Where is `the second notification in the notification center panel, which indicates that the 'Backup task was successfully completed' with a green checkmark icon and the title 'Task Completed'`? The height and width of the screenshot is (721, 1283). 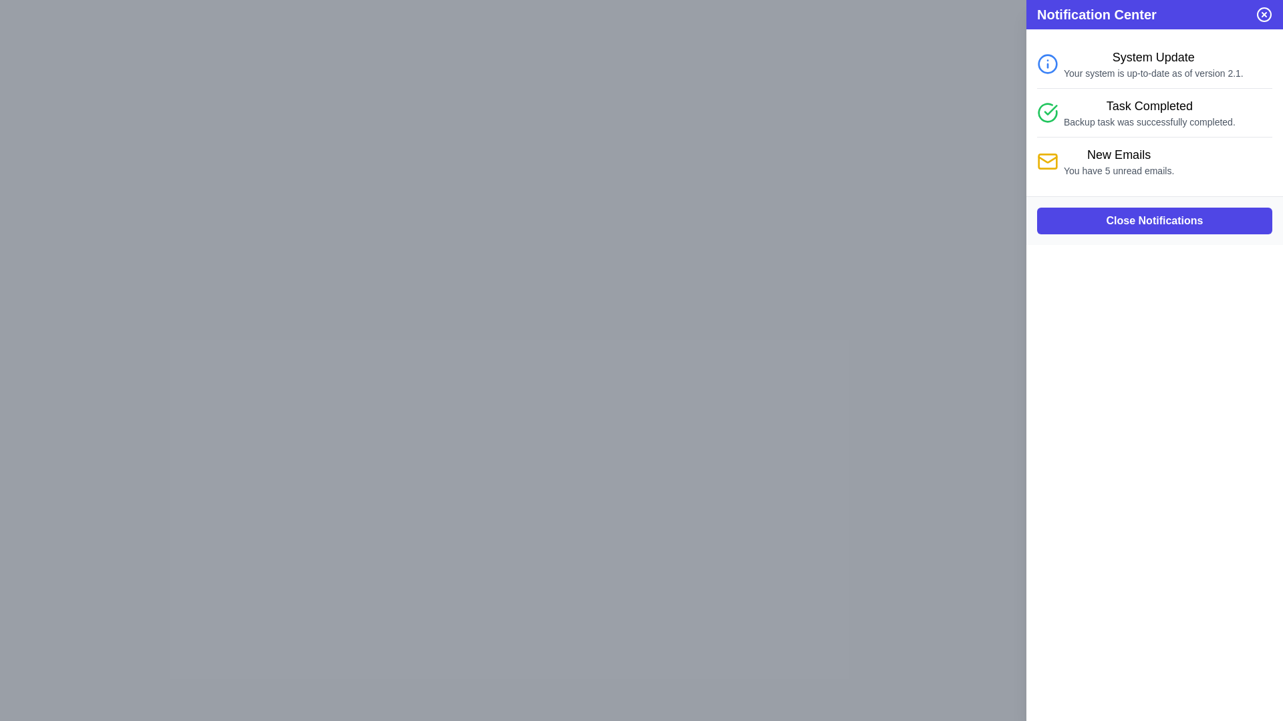 the second notification in the notification center panel, which indicates that the 'Backup task was successfully completed' with a green checkmark icon and the title 'Task Completed' is located at coordinates (1154, 111).